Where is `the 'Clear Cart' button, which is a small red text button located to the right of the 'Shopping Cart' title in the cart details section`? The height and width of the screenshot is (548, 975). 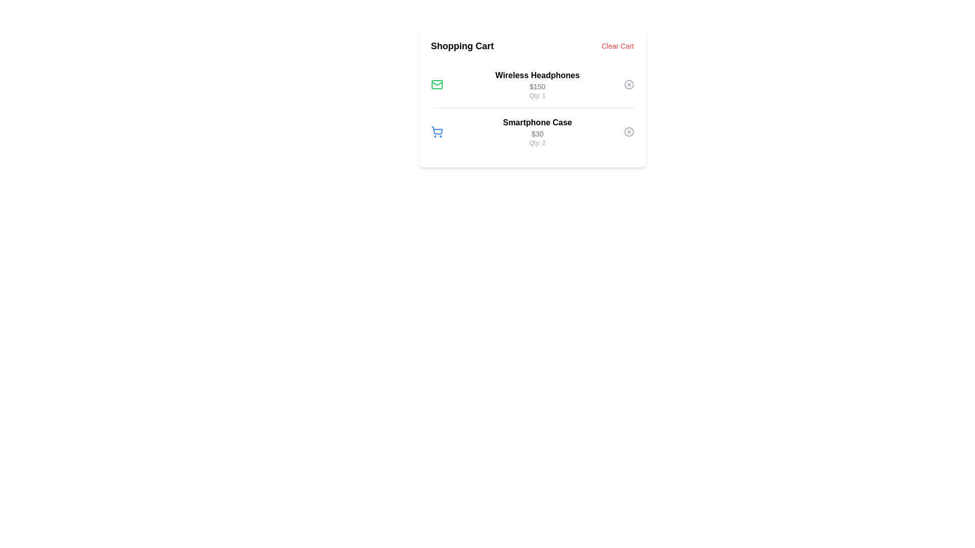 the 'Clear Cart' button, which is a small red text button located to the right of the 'Shopping Cart' title in the cart details section is located at coordinates (617, 46).